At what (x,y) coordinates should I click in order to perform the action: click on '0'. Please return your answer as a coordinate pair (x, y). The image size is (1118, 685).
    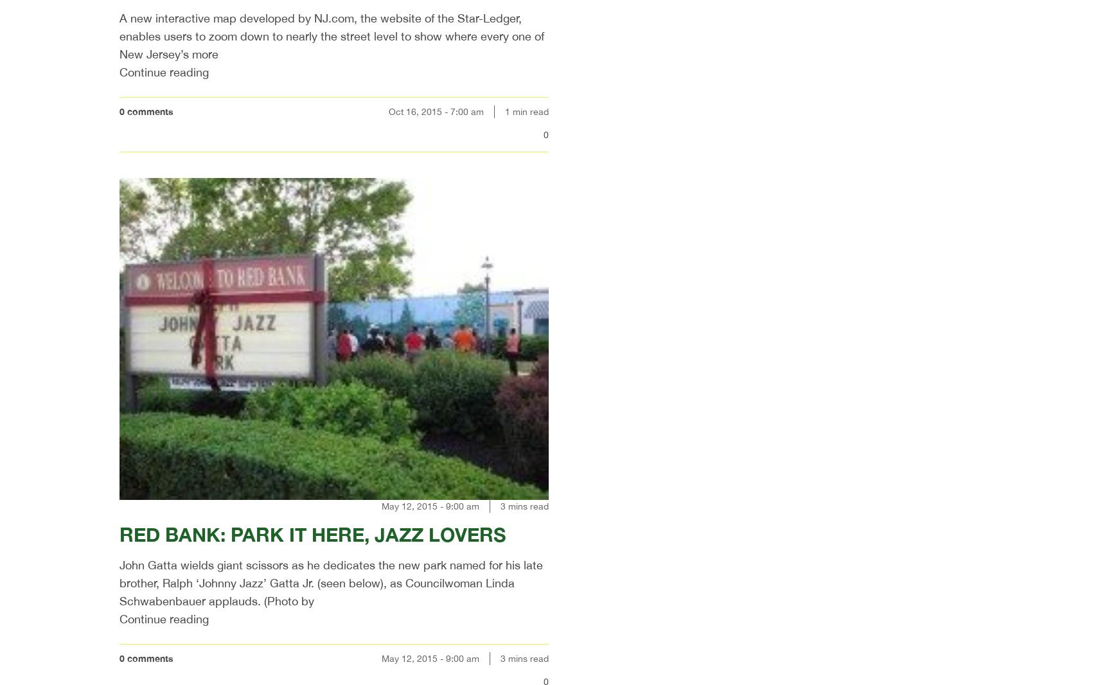
    Looking at the image, I should click on (546, 134).